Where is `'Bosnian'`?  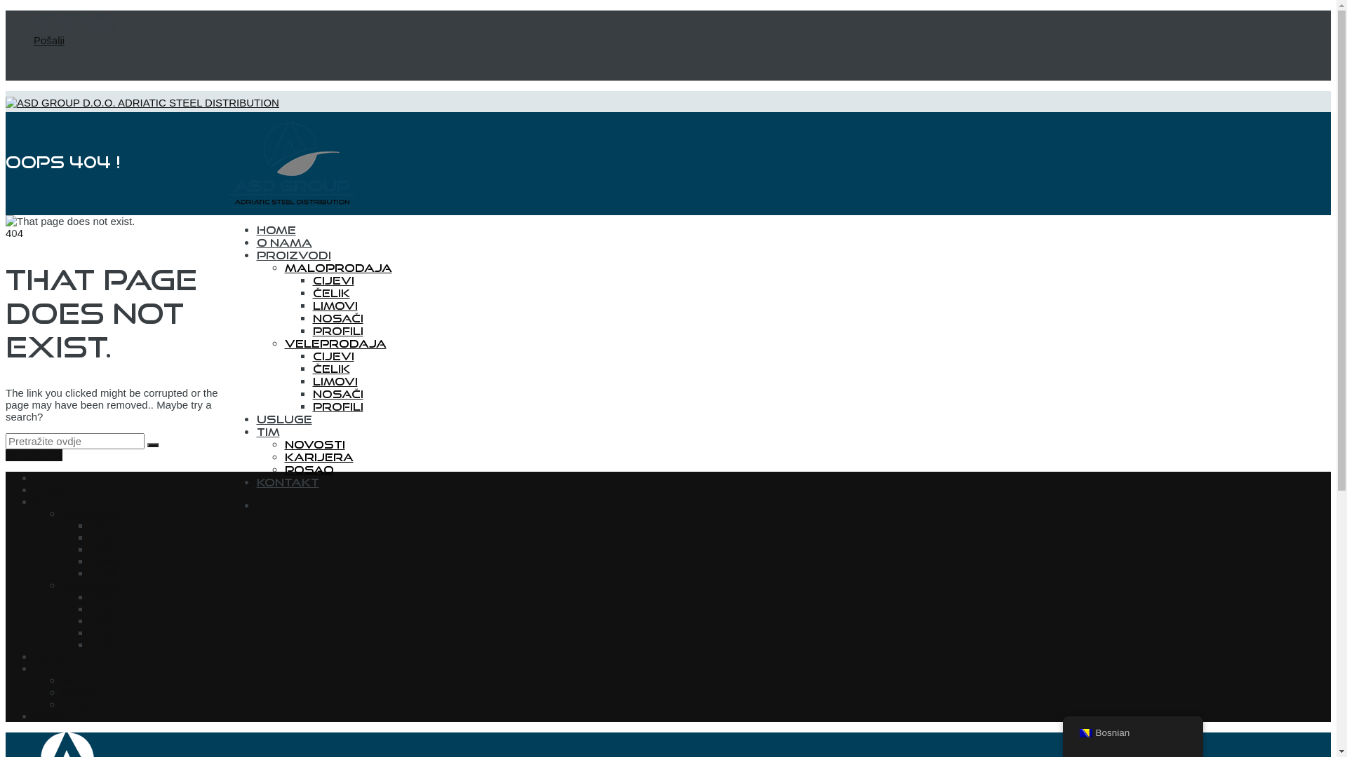
'Bosnian' is located at coordinates (1084, 732).